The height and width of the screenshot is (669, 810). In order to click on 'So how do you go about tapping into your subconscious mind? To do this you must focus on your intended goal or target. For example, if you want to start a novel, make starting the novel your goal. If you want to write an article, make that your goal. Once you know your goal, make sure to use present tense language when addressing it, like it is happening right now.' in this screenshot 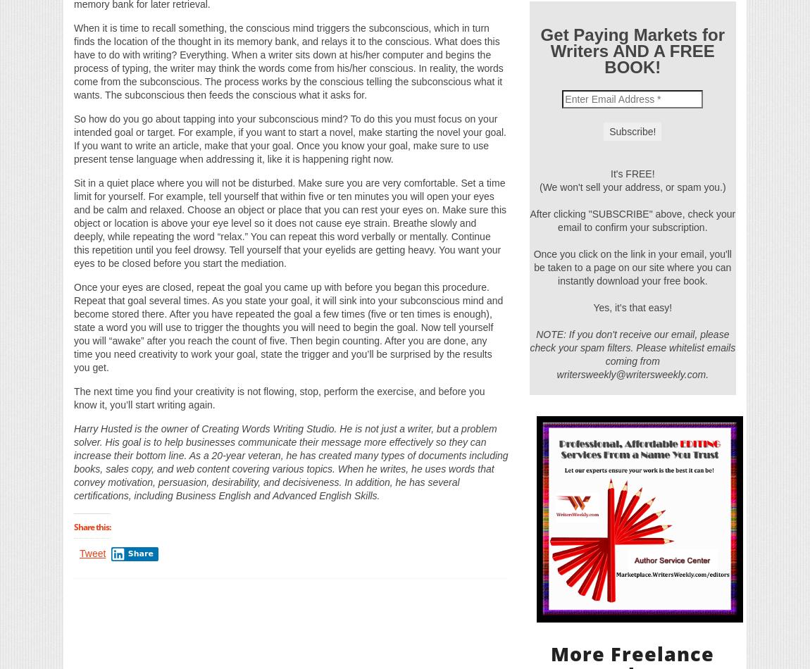, I will do `click(290, 138)`.